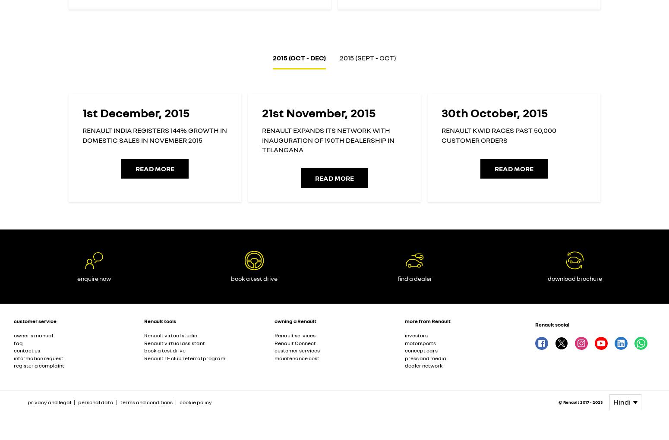 The height and width of the screenshot is (440, 669). What do you see at coordinates (295, 321) in the screenshot?
I see `'owning a Renault'` at bounding box center [295, 321].